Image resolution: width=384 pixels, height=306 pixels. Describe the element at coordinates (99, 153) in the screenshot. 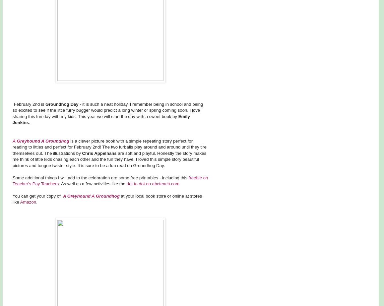

I see `'Chris Appelhans'` at that location.